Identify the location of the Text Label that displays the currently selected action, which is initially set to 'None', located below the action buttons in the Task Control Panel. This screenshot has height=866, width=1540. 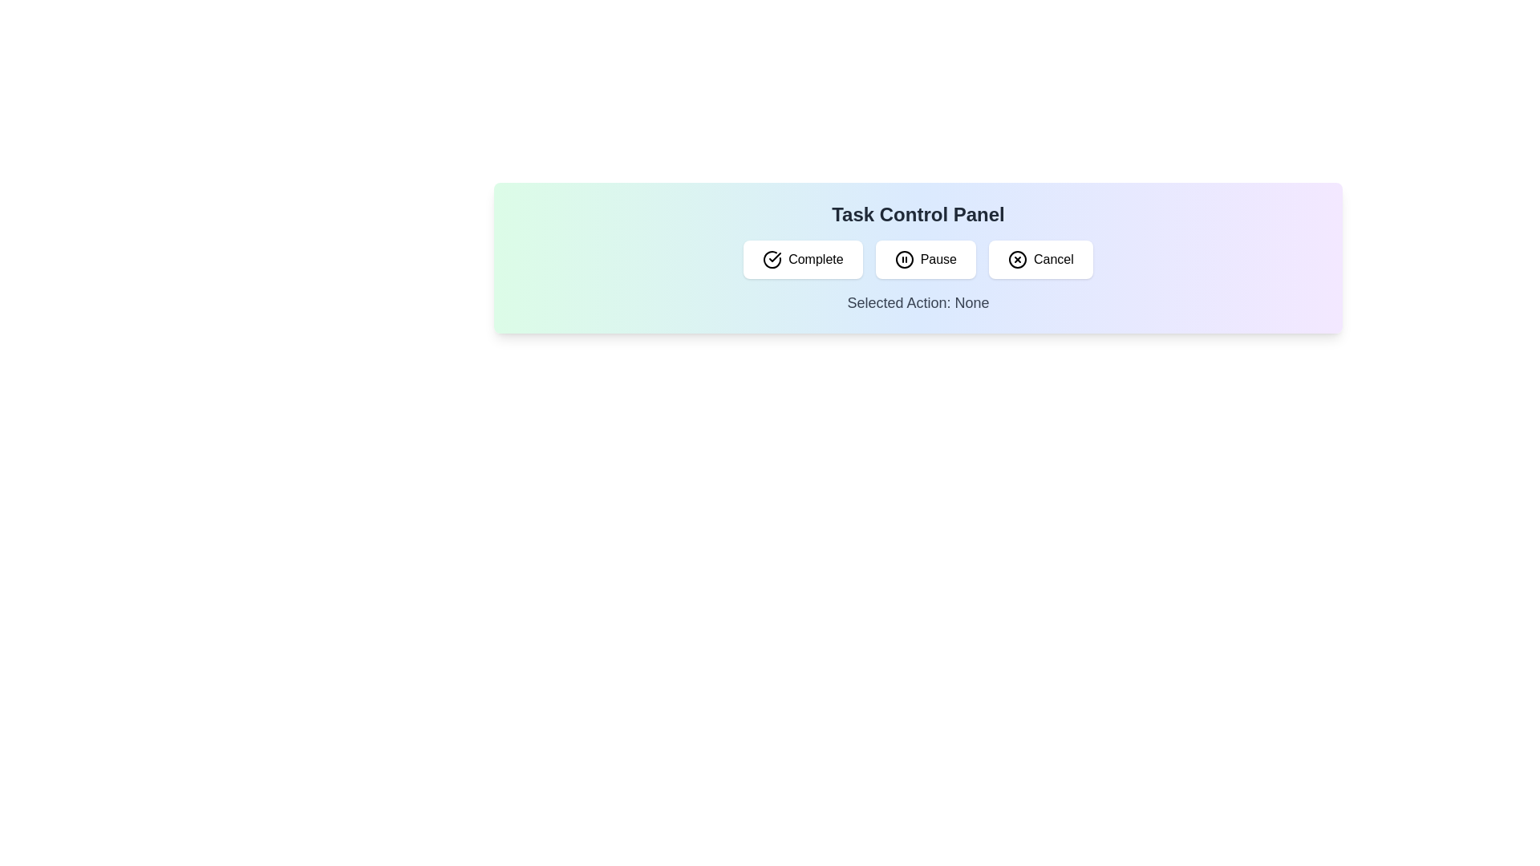
(918, 303).